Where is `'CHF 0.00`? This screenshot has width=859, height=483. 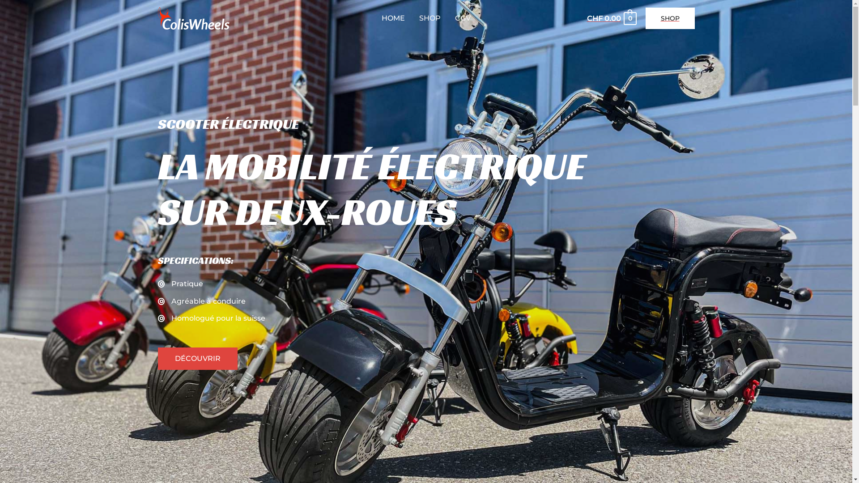
'CHF 0.00 is located at coordinates (611, 18).